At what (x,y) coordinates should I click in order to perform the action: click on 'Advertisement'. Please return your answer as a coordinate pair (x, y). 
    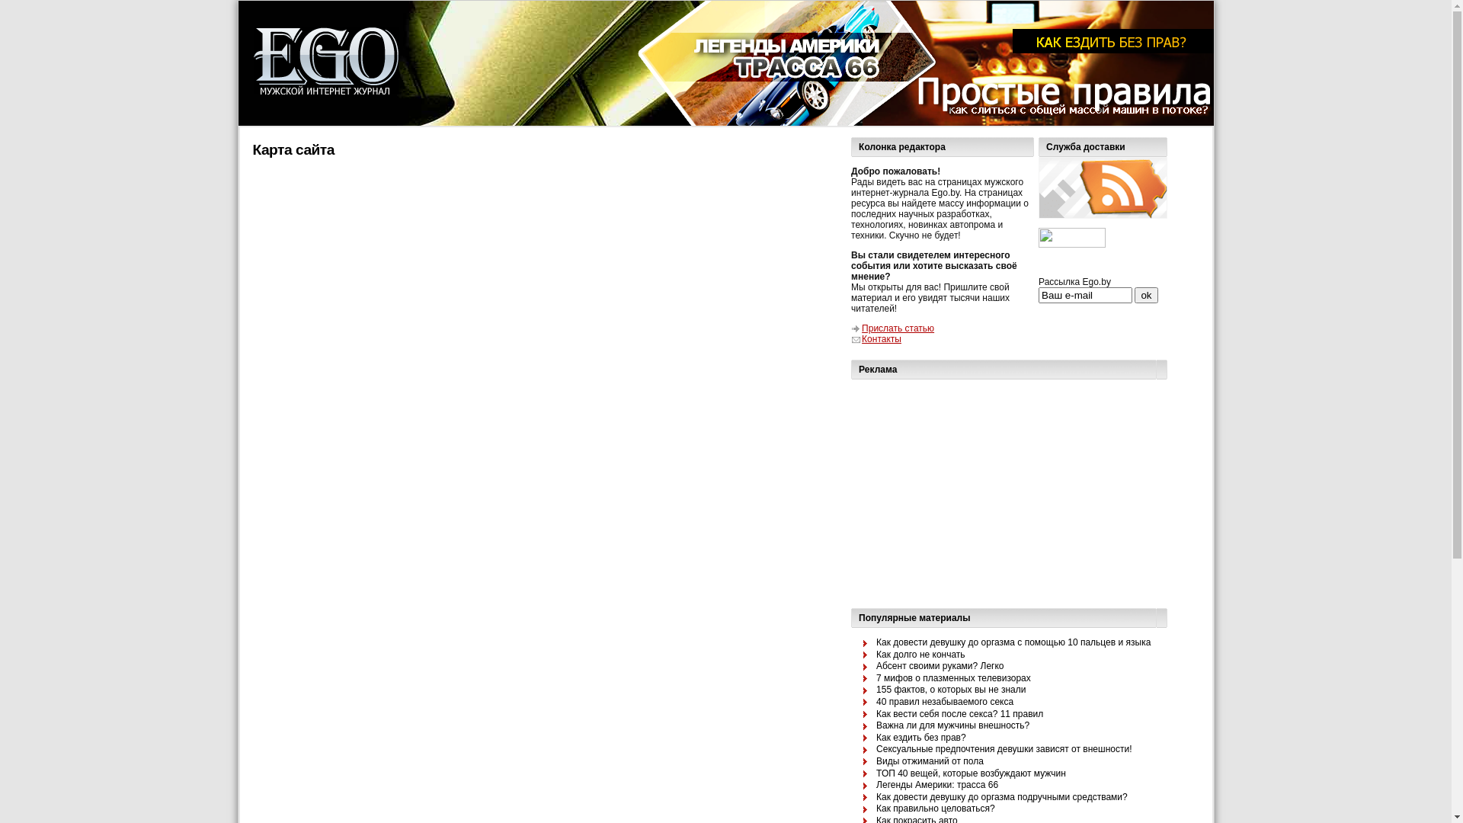
    Looking at the image, I should click on (1009, 496).